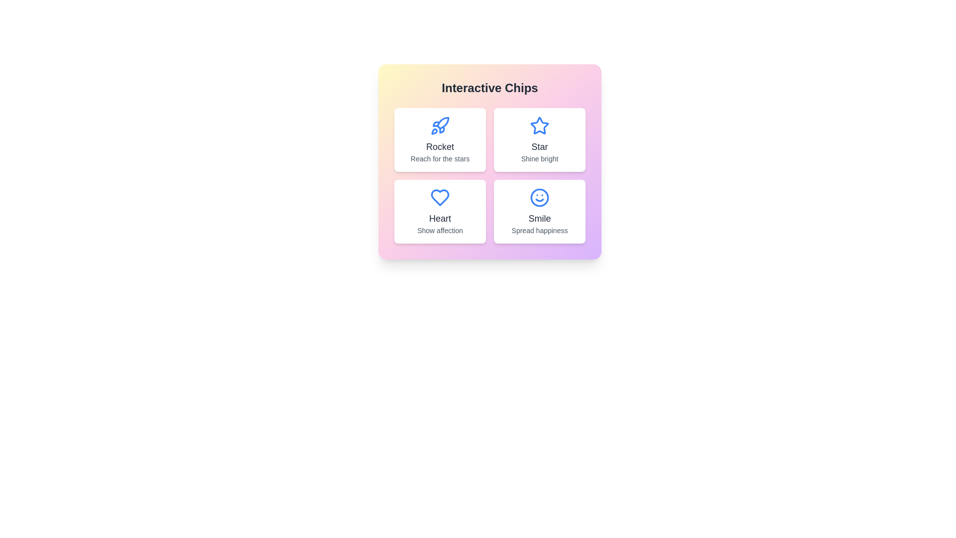 Image resolution: width=956 pixels, height=538 pixels. I want to click on the chip labeled Smile to interact with it, so click(539, 211).